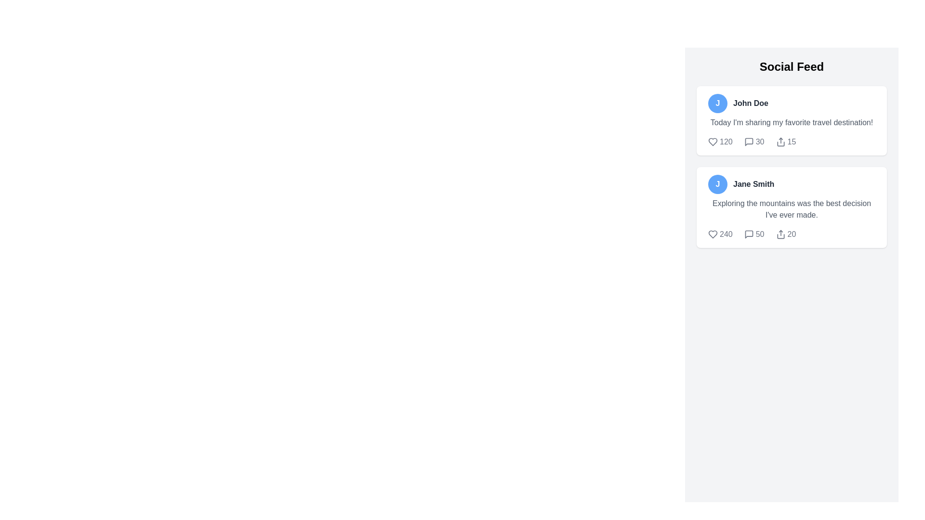 This screenshot has height=520, width=925. I want to click on the text '20' located at the bottom-right corner of the post card associated with user 'Jane Smith', positioned next to the share icon, so click(792, 234).